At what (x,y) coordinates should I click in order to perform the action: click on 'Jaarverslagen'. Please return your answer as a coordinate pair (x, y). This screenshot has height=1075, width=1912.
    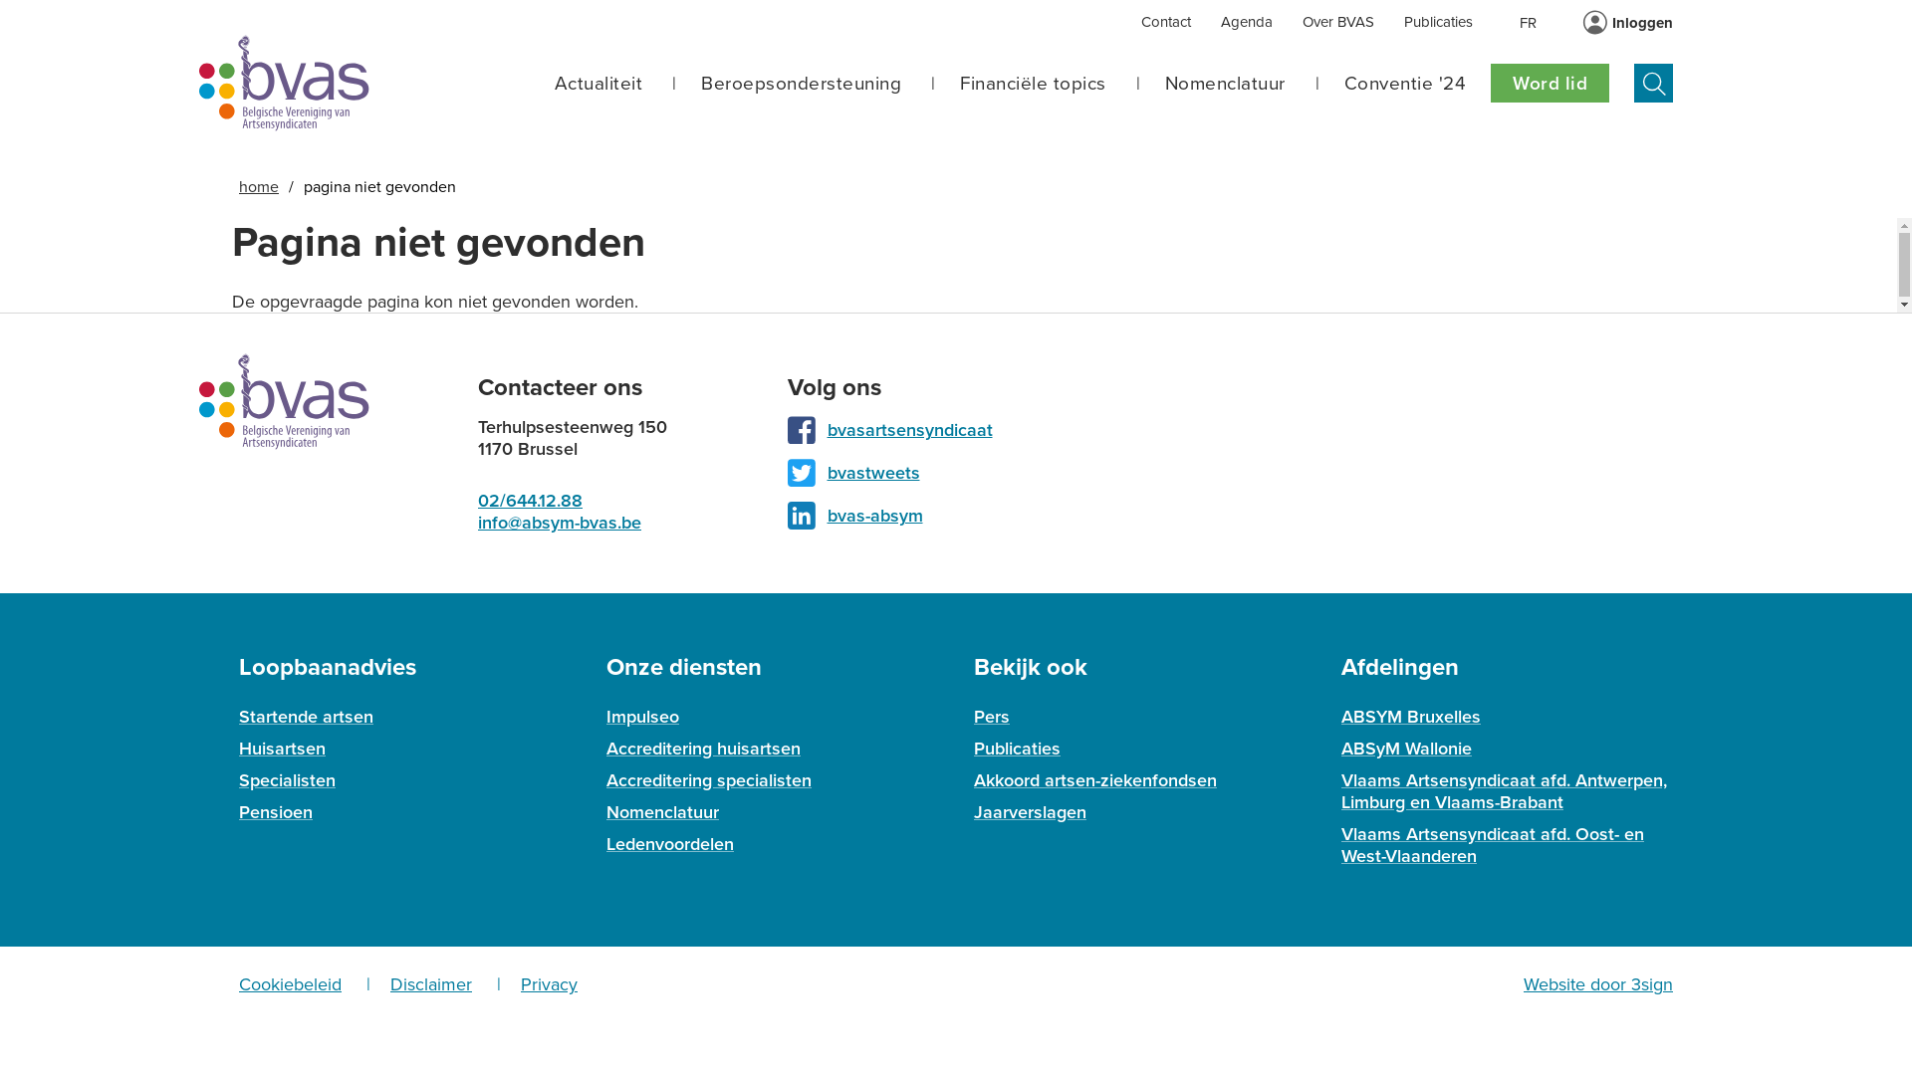
    Looking at the image, I should click on (1030, 812).